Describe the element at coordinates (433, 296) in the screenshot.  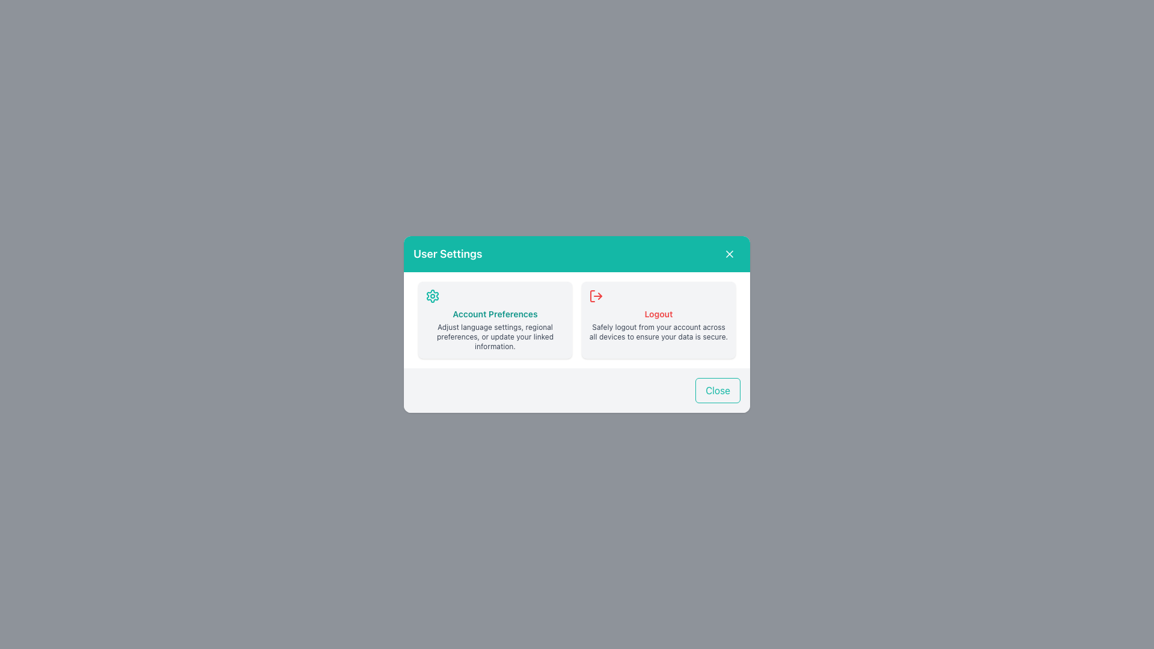
I see `the settings icon located near the top-left corner of the dialog box, adjacent to the label 'User Settings.'` at that location.